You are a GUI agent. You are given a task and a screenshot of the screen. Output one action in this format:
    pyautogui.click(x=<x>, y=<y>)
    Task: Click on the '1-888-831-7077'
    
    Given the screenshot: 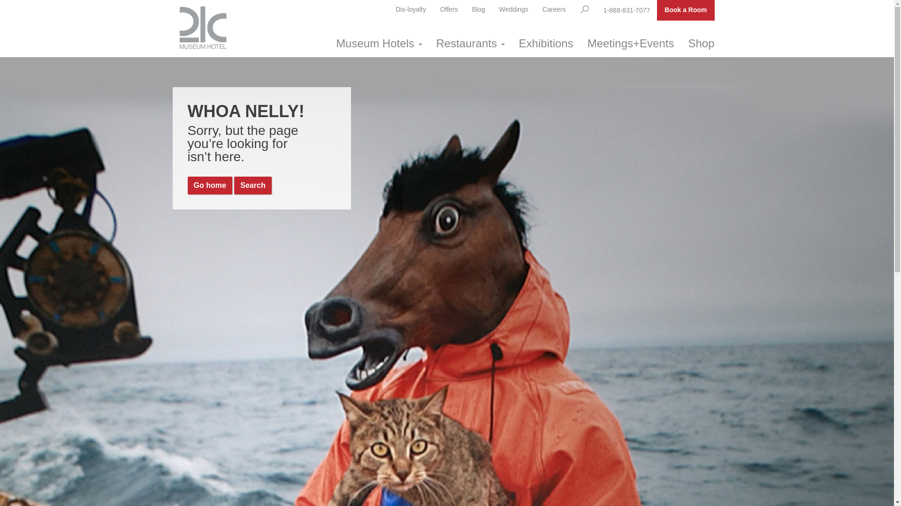 What is the action you would take?
    pyautogui.click(x=626, y=10)
    